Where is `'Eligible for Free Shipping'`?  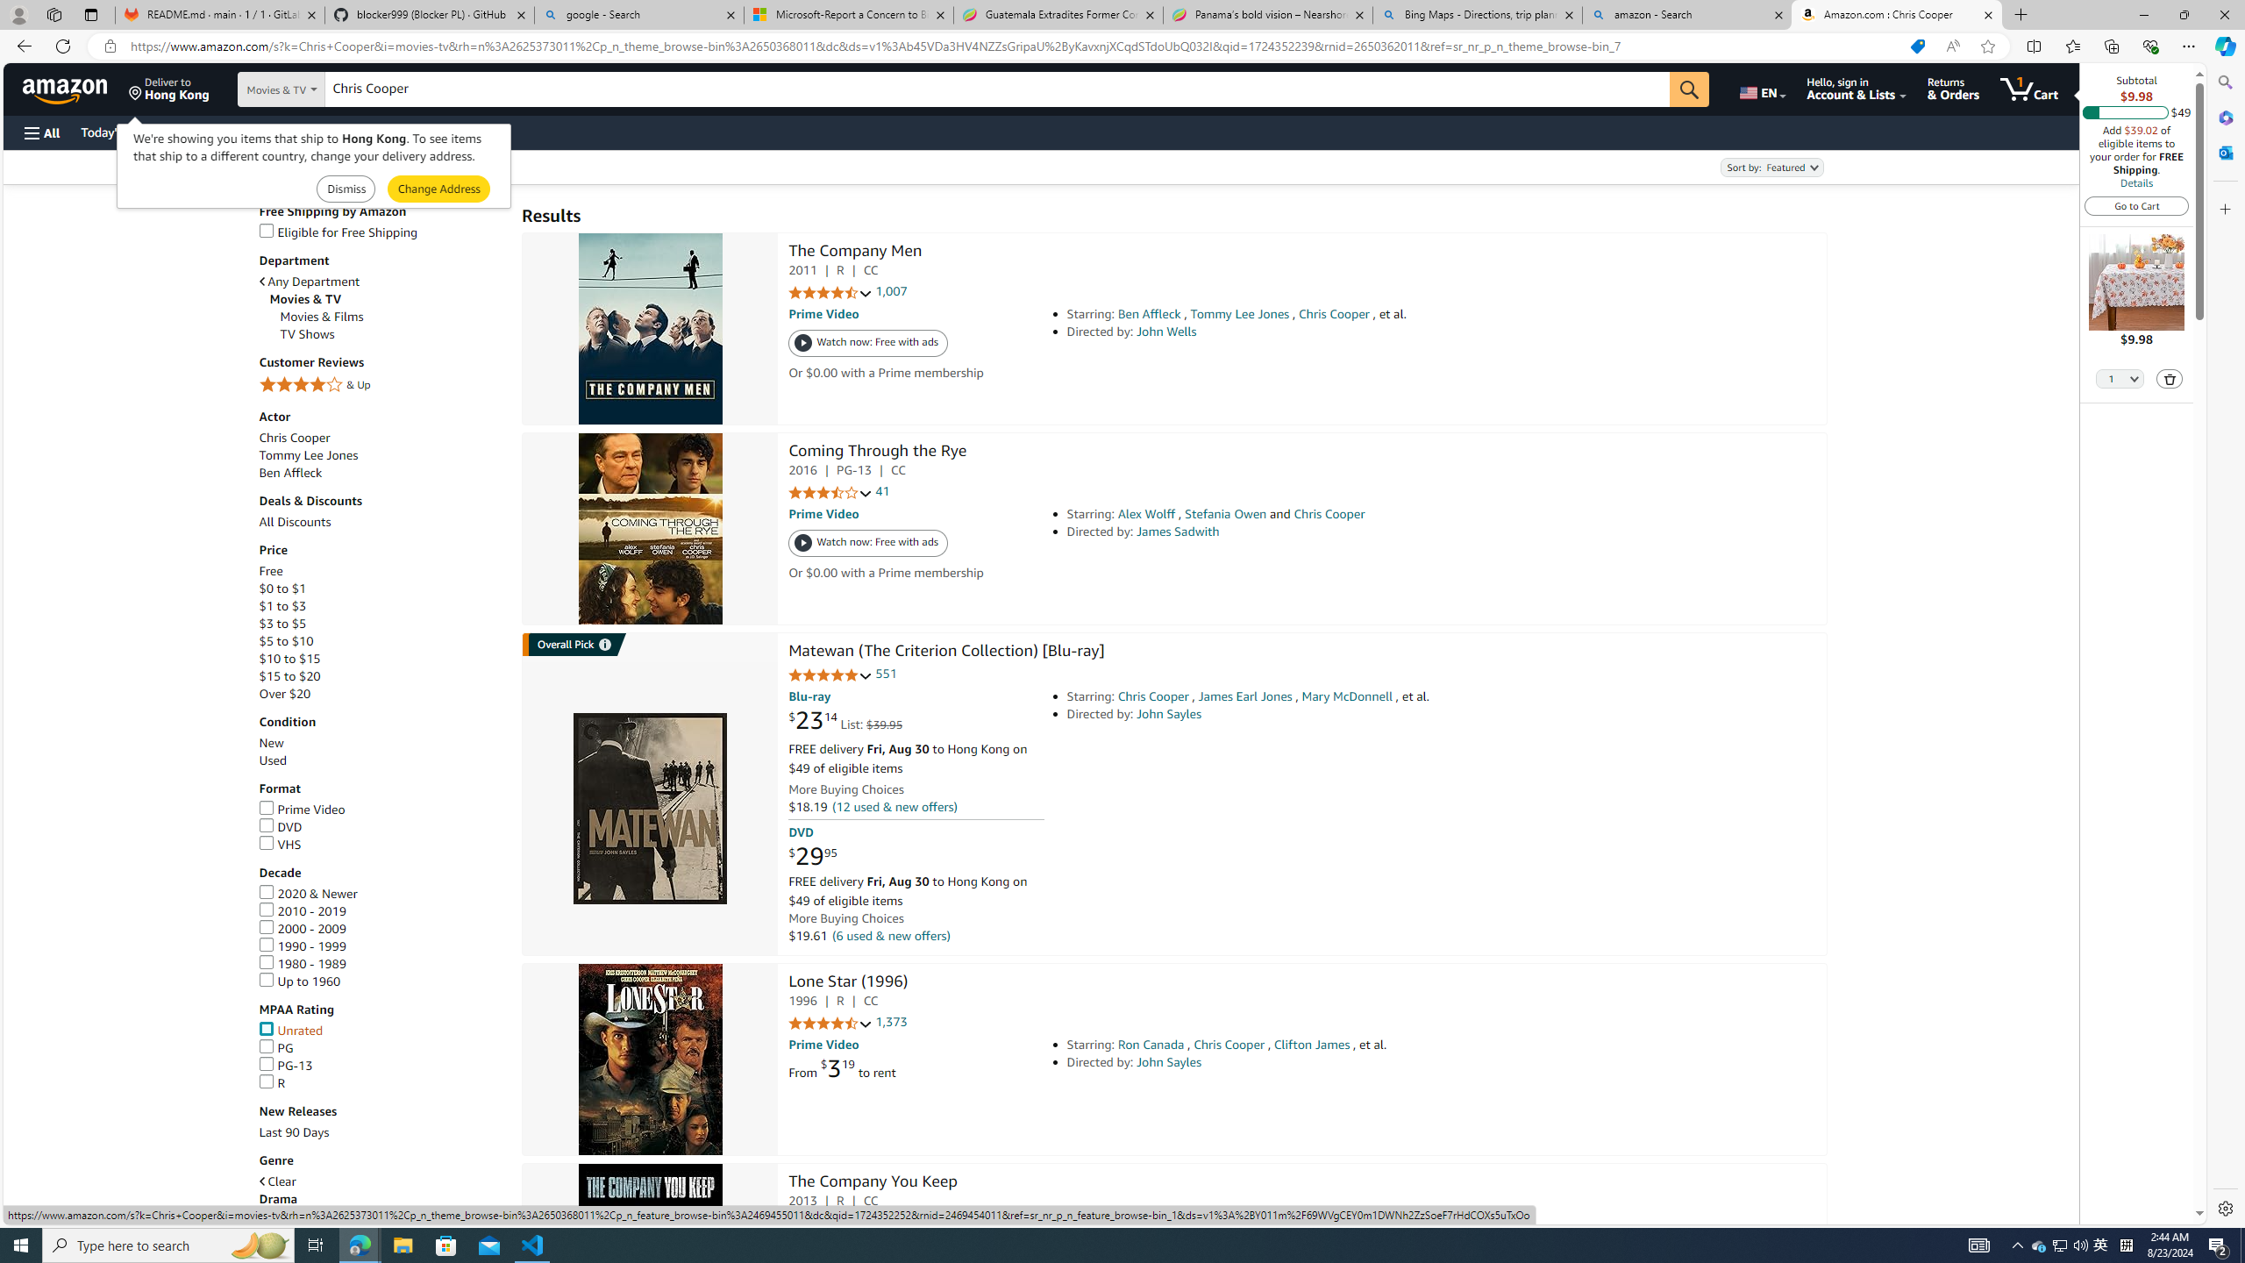 'Eligible for Free Shipping' is located at coordinates (381, 232).